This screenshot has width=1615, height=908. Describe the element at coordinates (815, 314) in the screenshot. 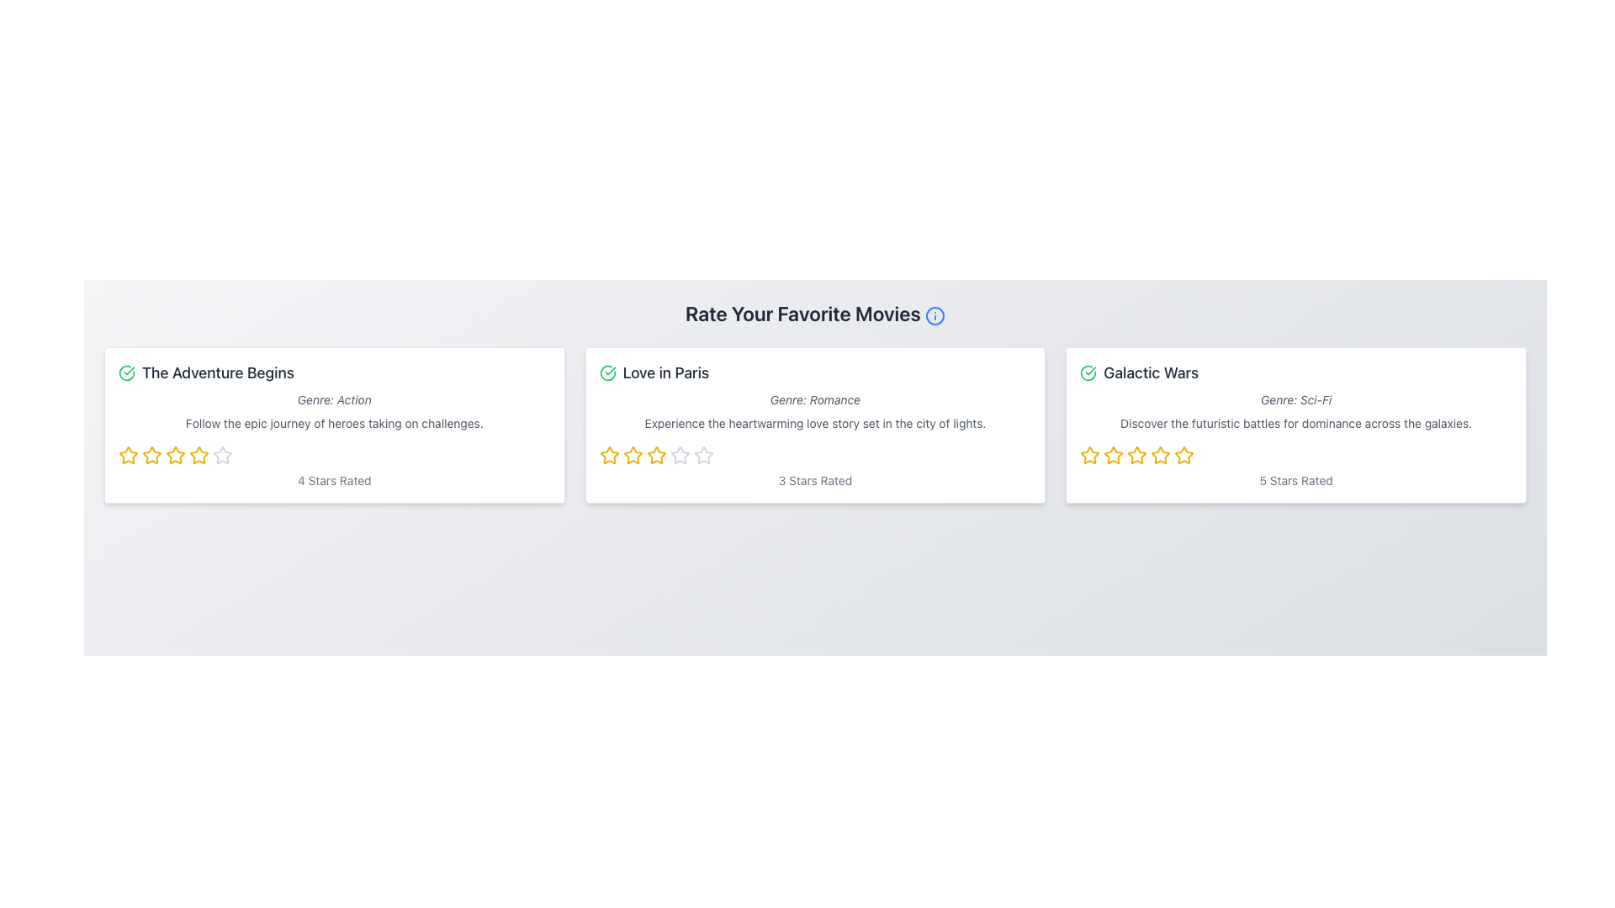

I see `heading text that introduces the section about rating movies, located centrally at the top of the content area` at that location.